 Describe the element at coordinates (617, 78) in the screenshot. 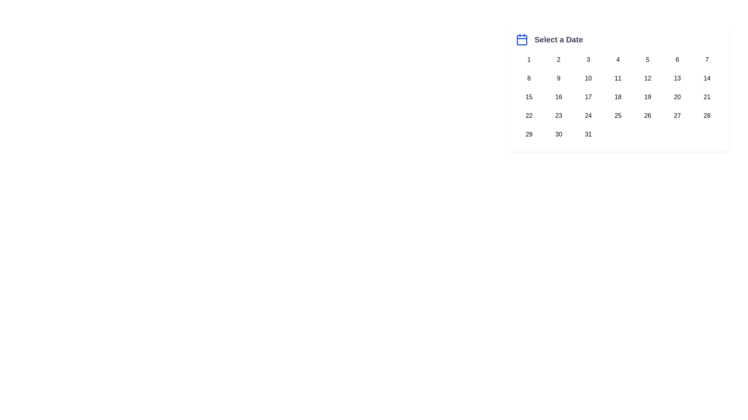

I see `the rectangular button with rounded corners labeled '11' in bold font` at that location.